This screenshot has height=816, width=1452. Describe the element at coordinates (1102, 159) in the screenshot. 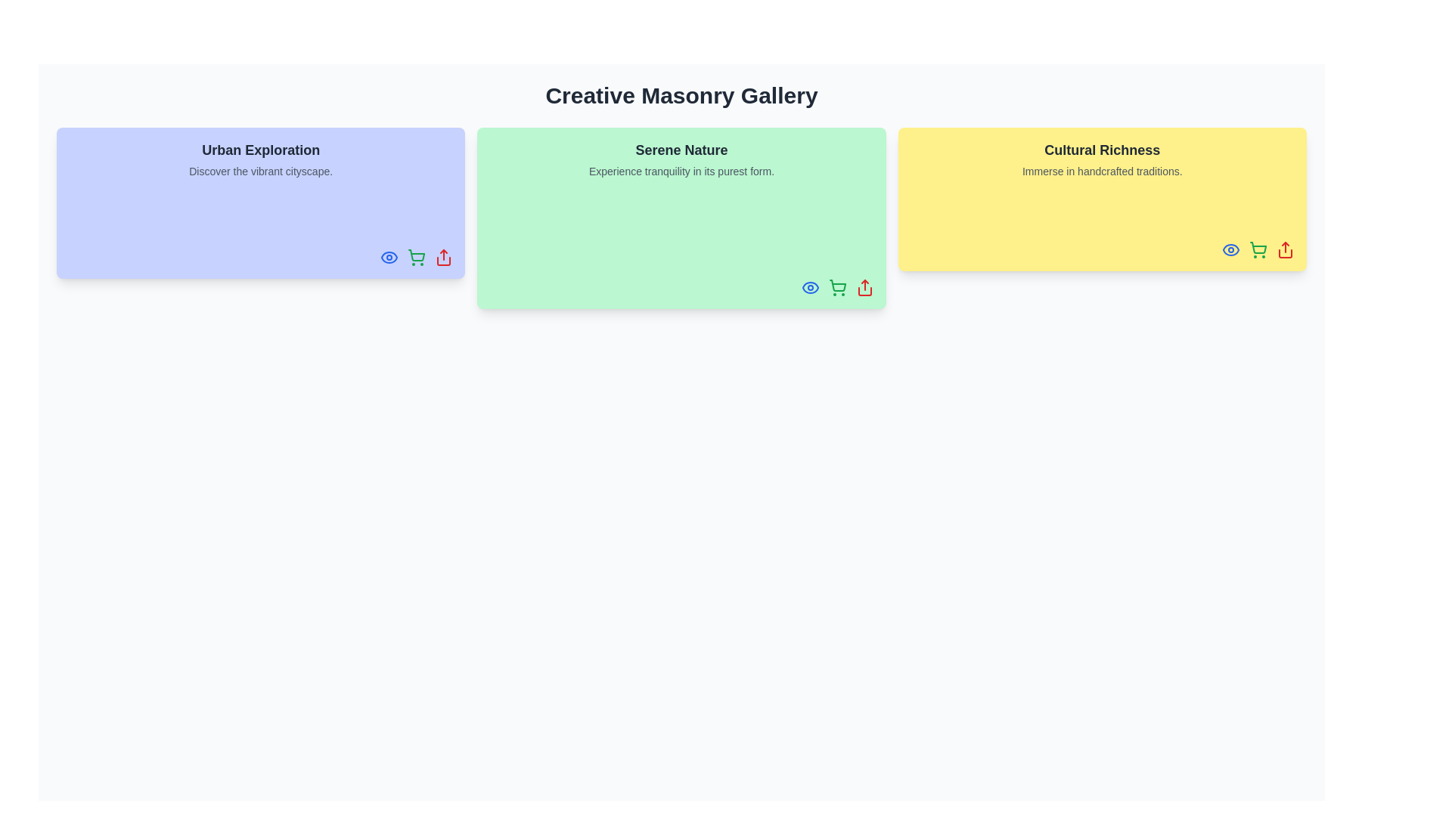

I see `the title and description section of the rightmost card in the gallery, positioned above the card's icons` at that location.